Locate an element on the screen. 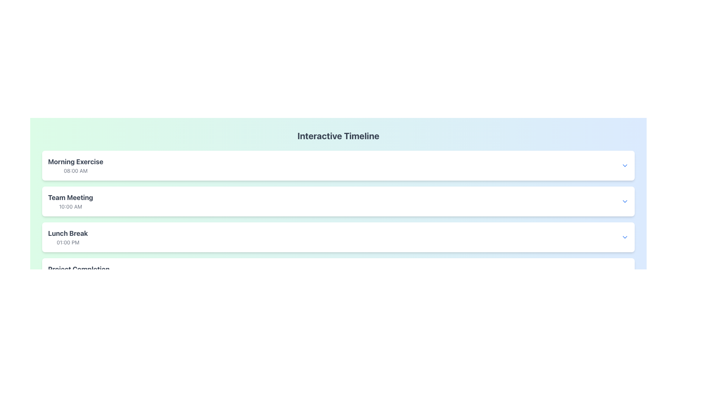 The height and width of the screenshot is (403, 716). text content of the 'Team Meeting' label, which is a bold text displayed in dark gray, positioned centrally in the left-aligned block of the second timeline entry is located at coordinates (70, 197).